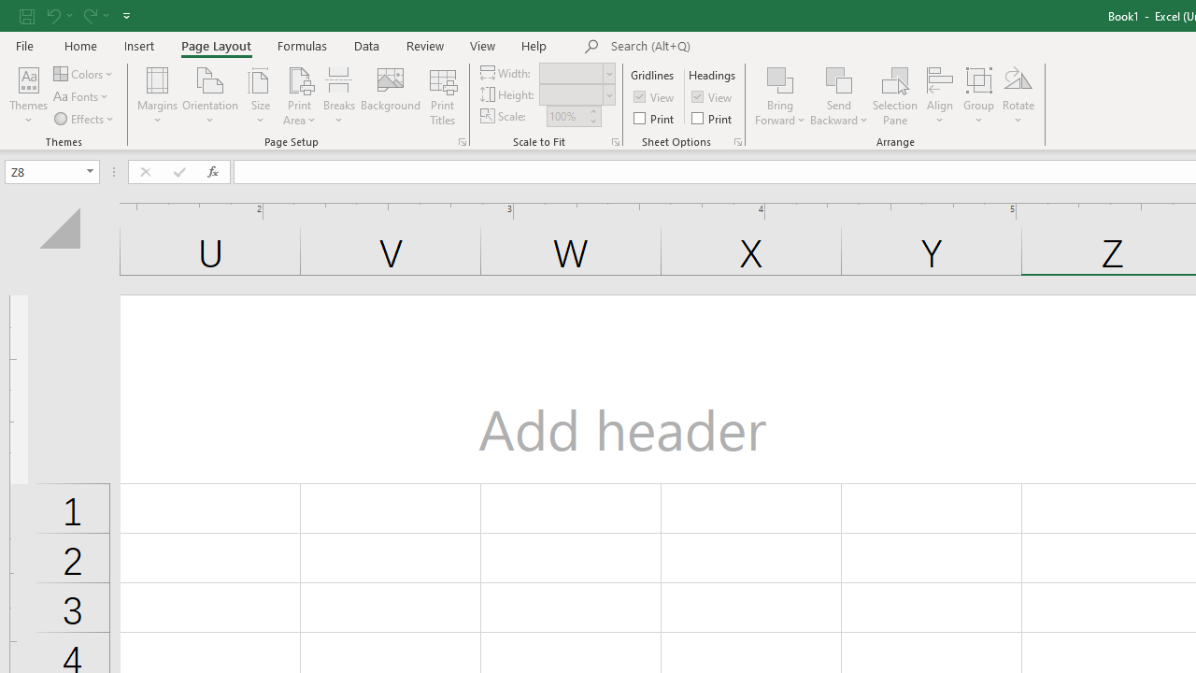  Describe the element at coordinates (338, 96) in the screenshot. I see `'Breaks'` at that location.